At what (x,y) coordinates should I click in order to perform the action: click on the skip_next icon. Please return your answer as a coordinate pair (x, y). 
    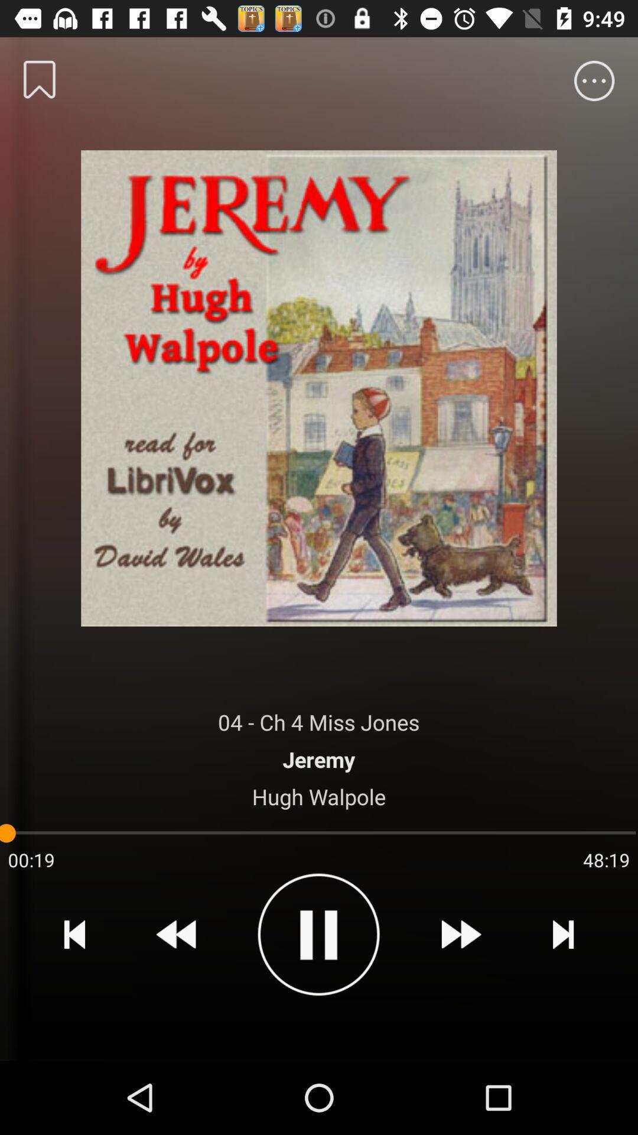
    Looking at the image, I should click on (562, 933).